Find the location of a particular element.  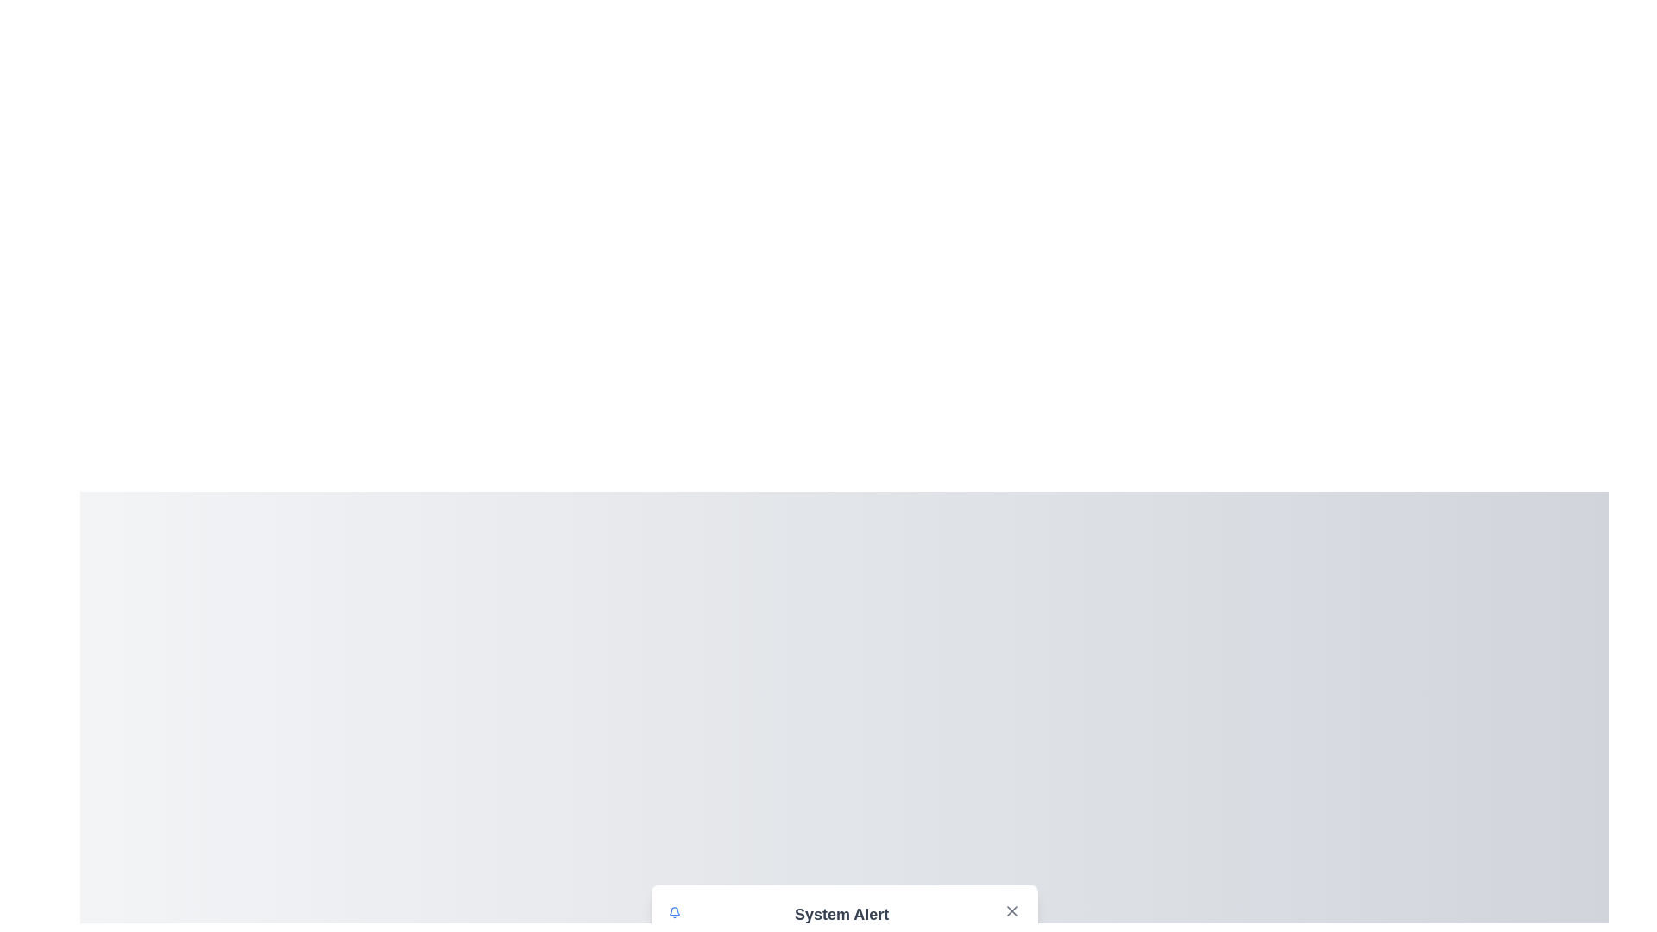

the gray 'X' button is located at coordinates (1011, 910).